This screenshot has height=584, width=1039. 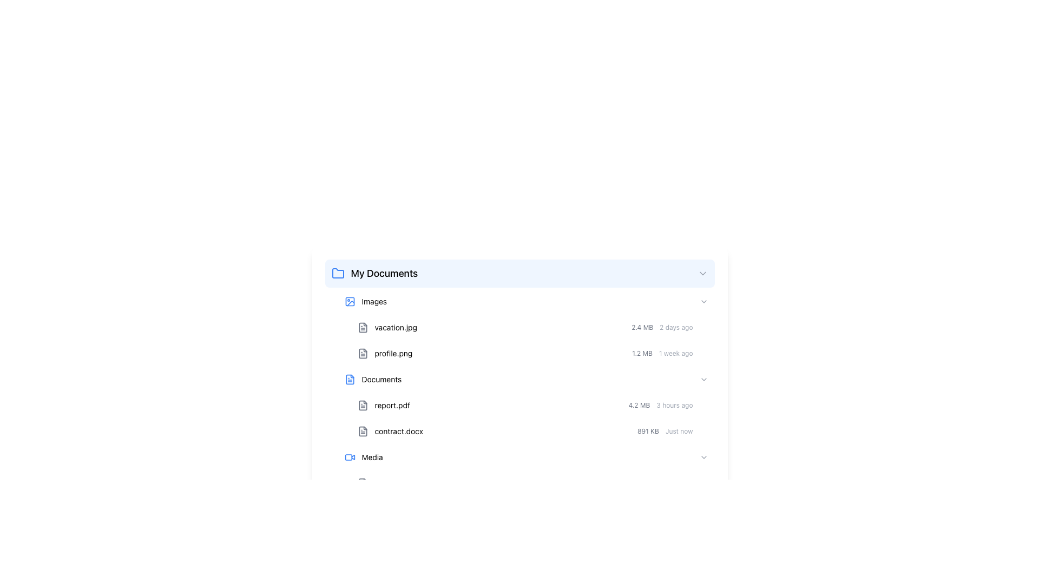 I want to click on the text label displaying the PDF file name located at the top-left section of the document listing under the 'Documents' category, so click(x=384, y=405).